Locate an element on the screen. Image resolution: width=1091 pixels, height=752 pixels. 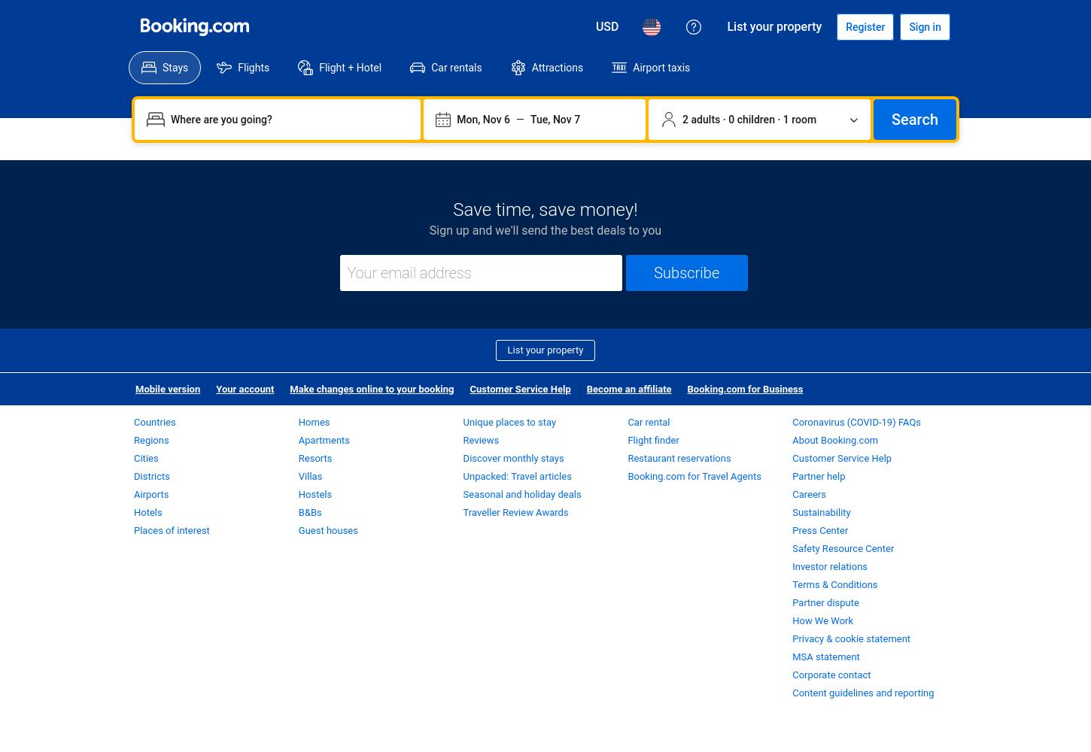
'Investor relations' is located at coordinates (829, 566).